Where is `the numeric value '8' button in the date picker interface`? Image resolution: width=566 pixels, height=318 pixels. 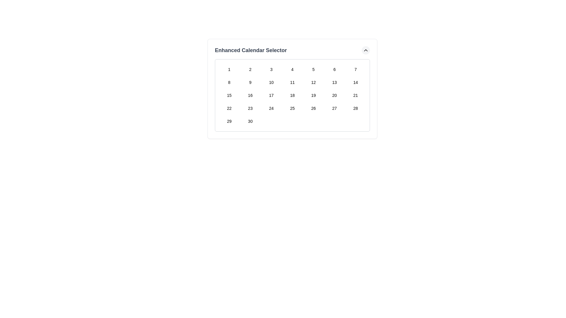 the numeric value '8' button in the date picker interface is located at coordinates (229, 82).